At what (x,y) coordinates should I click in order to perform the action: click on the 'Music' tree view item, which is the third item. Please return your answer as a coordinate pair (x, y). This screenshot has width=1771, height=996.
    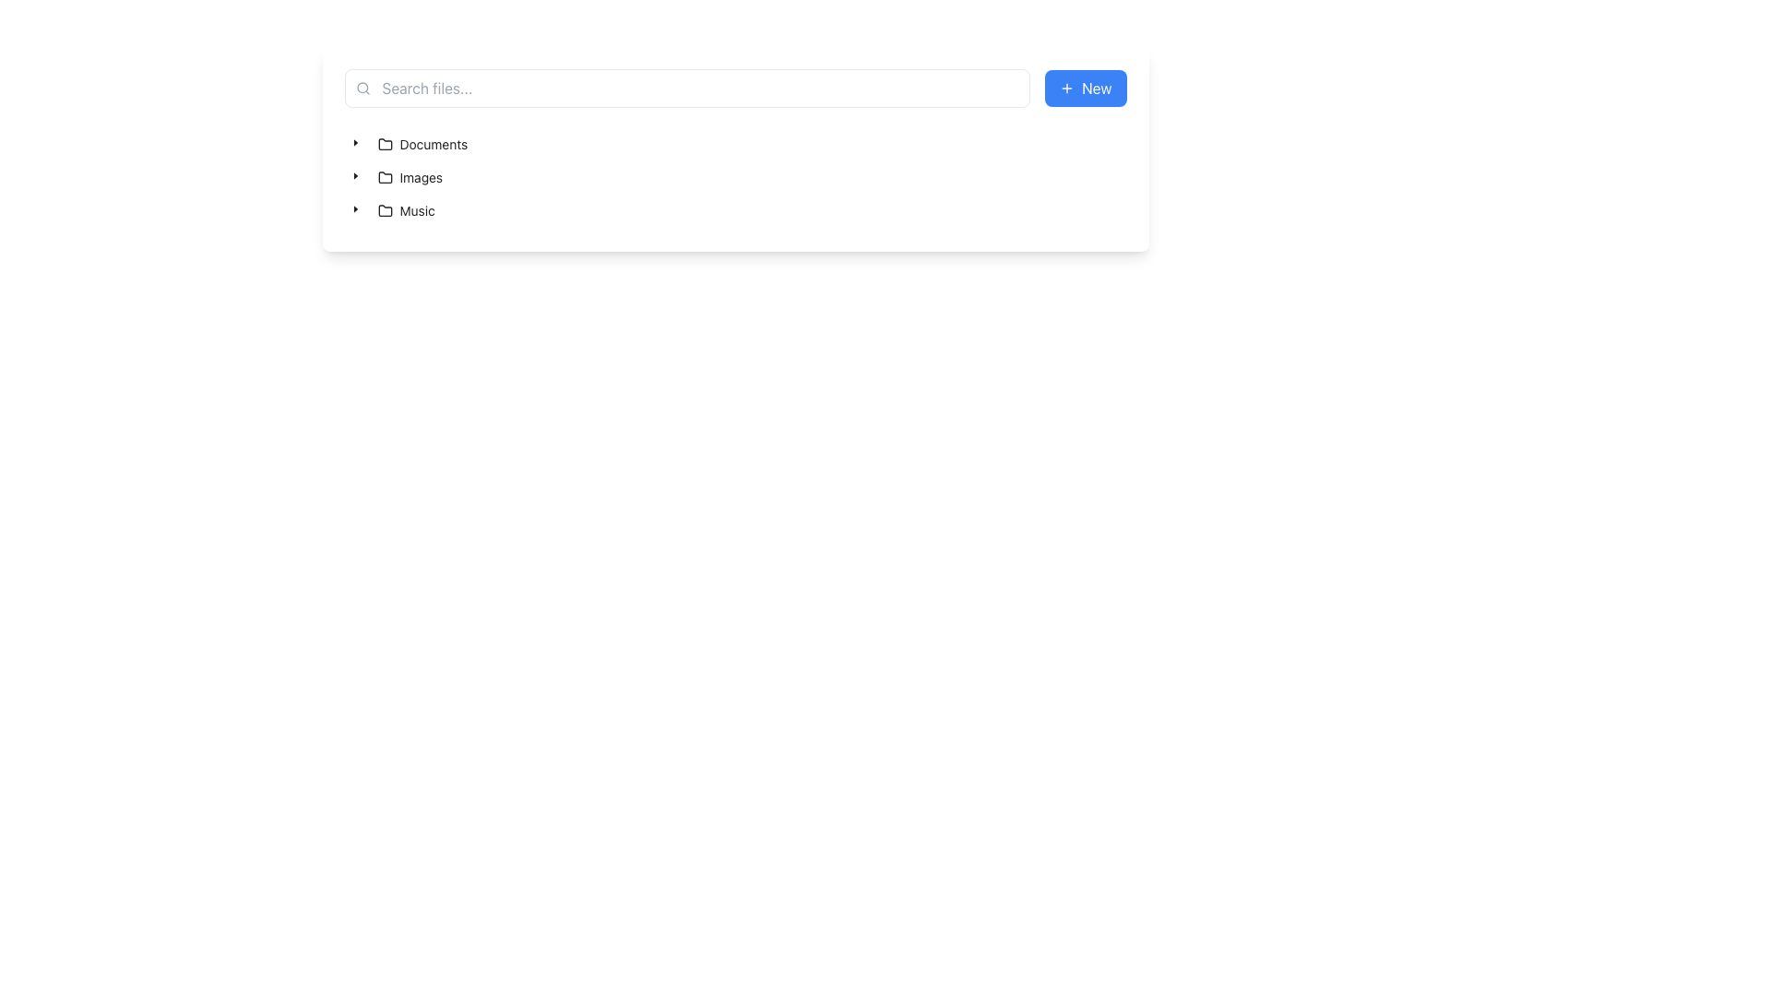
    Looking at the image, I should click on (392, 209).